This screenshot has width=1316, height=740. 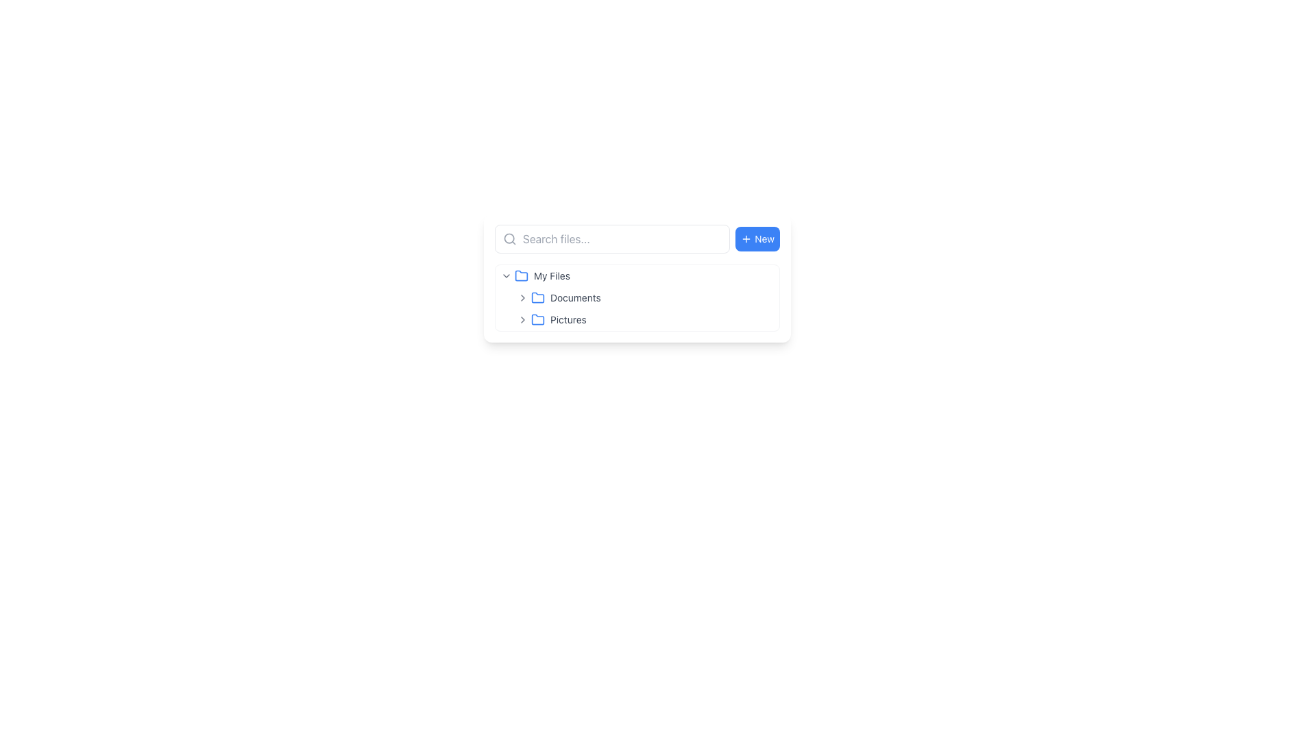 I want to click on the button containing the text label that indicates an action to create or add something new, located in the top-right corner of the interface, so click(x=764, y=238).